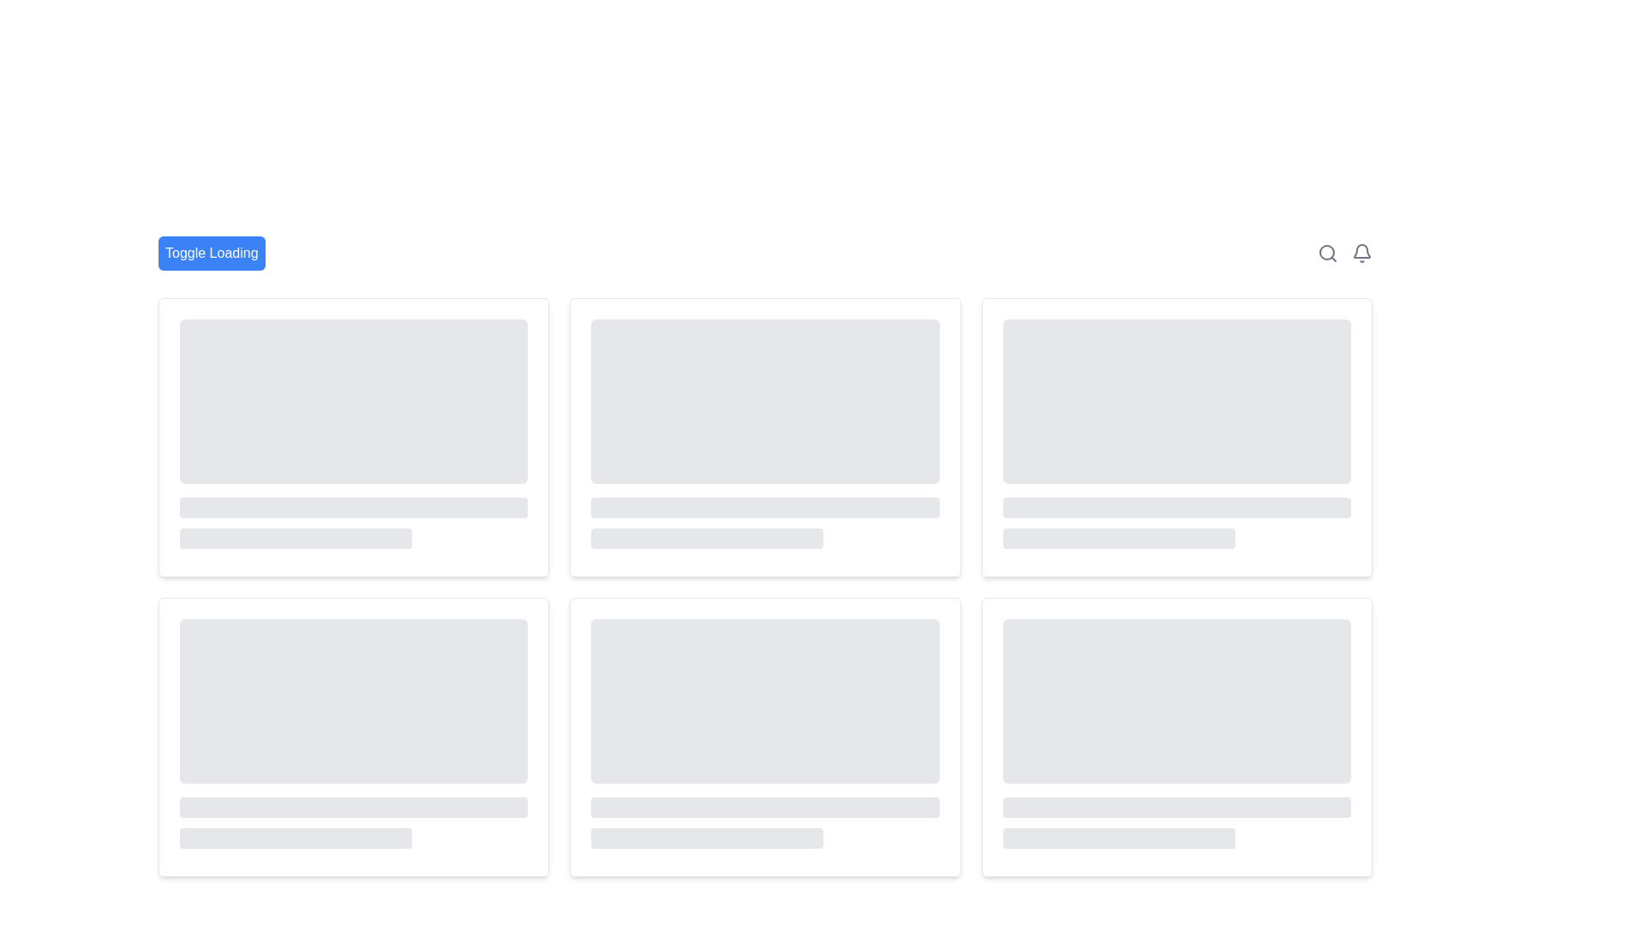 This screenshot has height=925, width=1645. What do you see at coordinates (1175, 402) in the screenshot?
I see `the Placeholder block element, which is a rectangular box with a light gray background and rounded corners, located at the top of a vertical stack of similar elements in the rightmost column of a grid layout` at bounding box center [1175, 402].